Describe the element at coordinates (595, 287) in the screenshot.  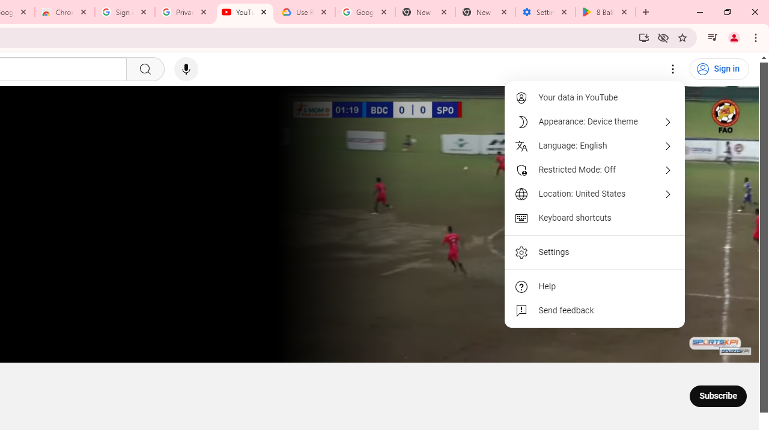
I see `'Help'` at that location.